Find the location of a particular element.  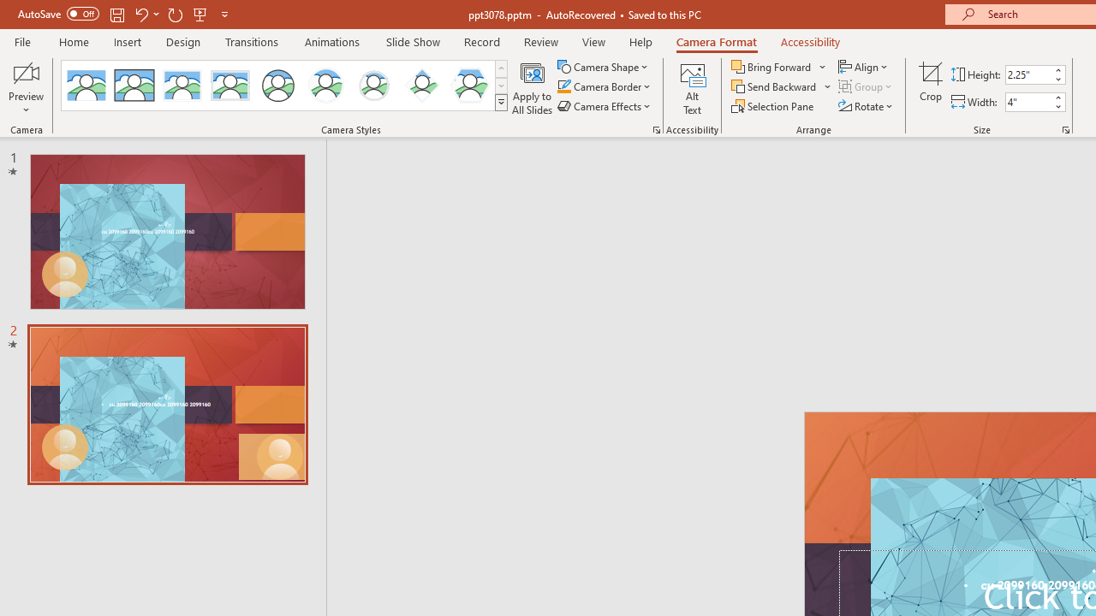

'Simple Frame Rectangle' is located at coordinates (134, 86).